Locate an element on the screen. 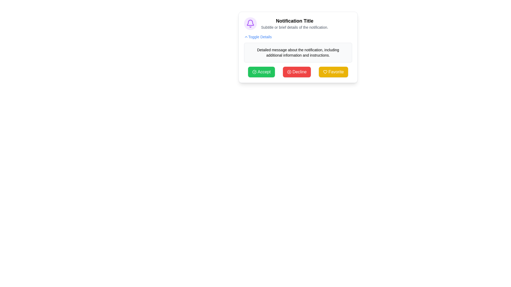 Image resolution: width=511 pixels, height=287 pixels. the 'Toggle Details' button with the blue text and upward chevron icon to underline the text is located at coordinates (258, 36).